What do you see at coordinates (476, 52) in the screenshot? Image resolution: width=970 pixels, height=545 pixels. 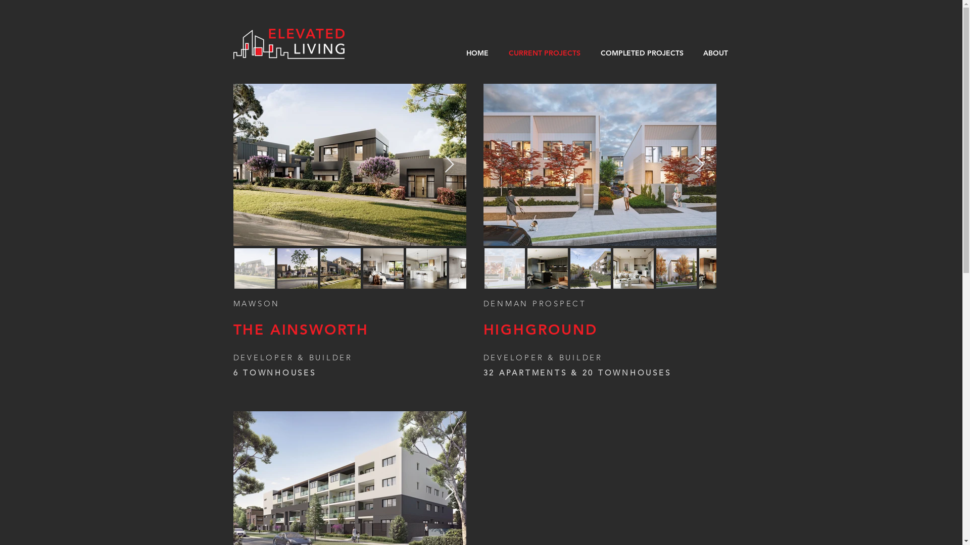 I see `'HOME'` at bounding box center [476, 52].